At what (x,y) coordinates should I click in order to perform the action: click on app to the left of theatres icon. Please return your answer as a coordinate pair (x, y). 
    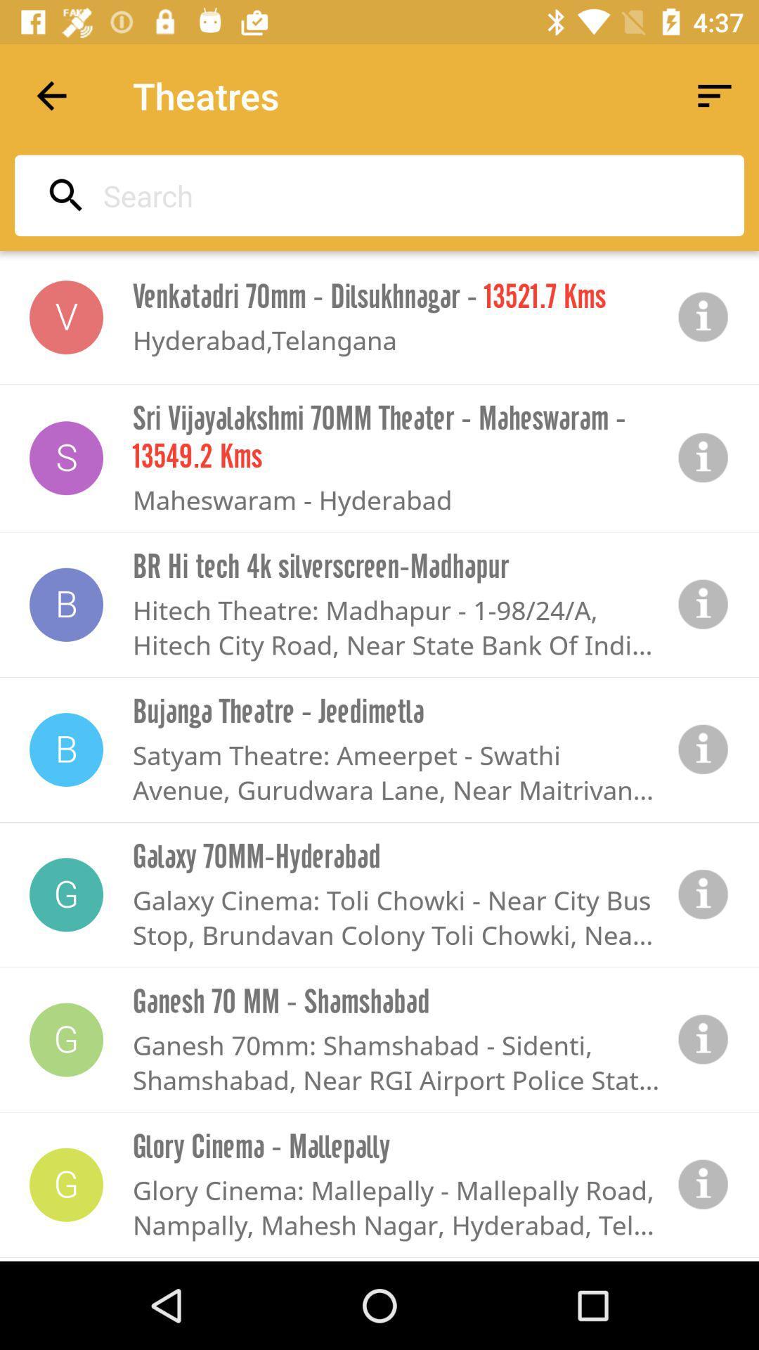
    Looking at the image, I should click on (51, 95).